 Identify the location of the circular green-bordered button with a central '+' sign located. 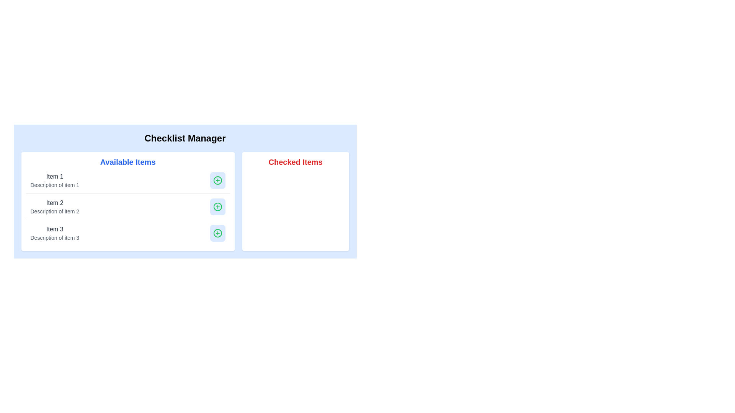
(217, 180).